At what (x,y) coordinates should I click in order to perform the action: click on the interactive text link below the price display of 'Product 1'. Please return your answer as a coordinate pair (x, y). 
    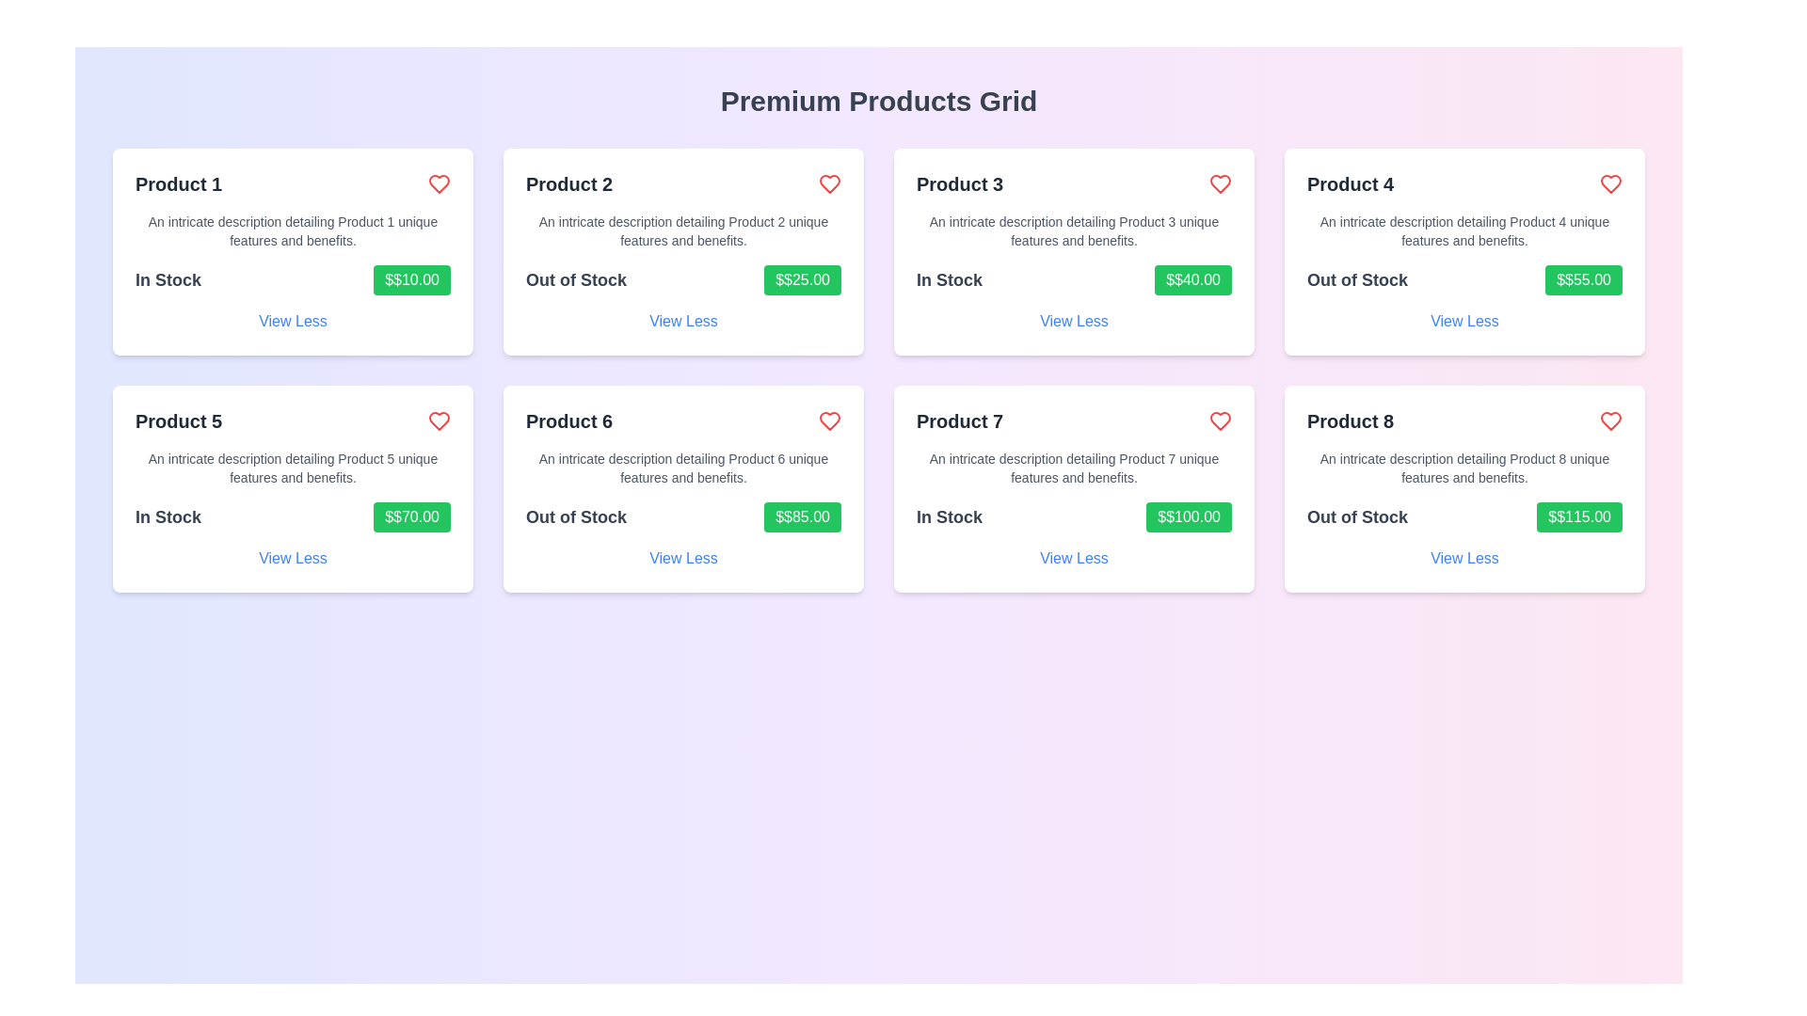
    Looking at the image, I should click on (292, 321).